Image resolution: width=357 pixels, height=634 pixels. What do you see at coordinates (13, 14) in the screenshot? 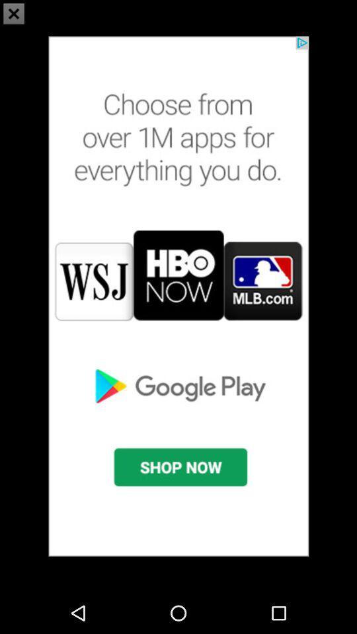
I see `the close icon` at bounding box center [13, 14].